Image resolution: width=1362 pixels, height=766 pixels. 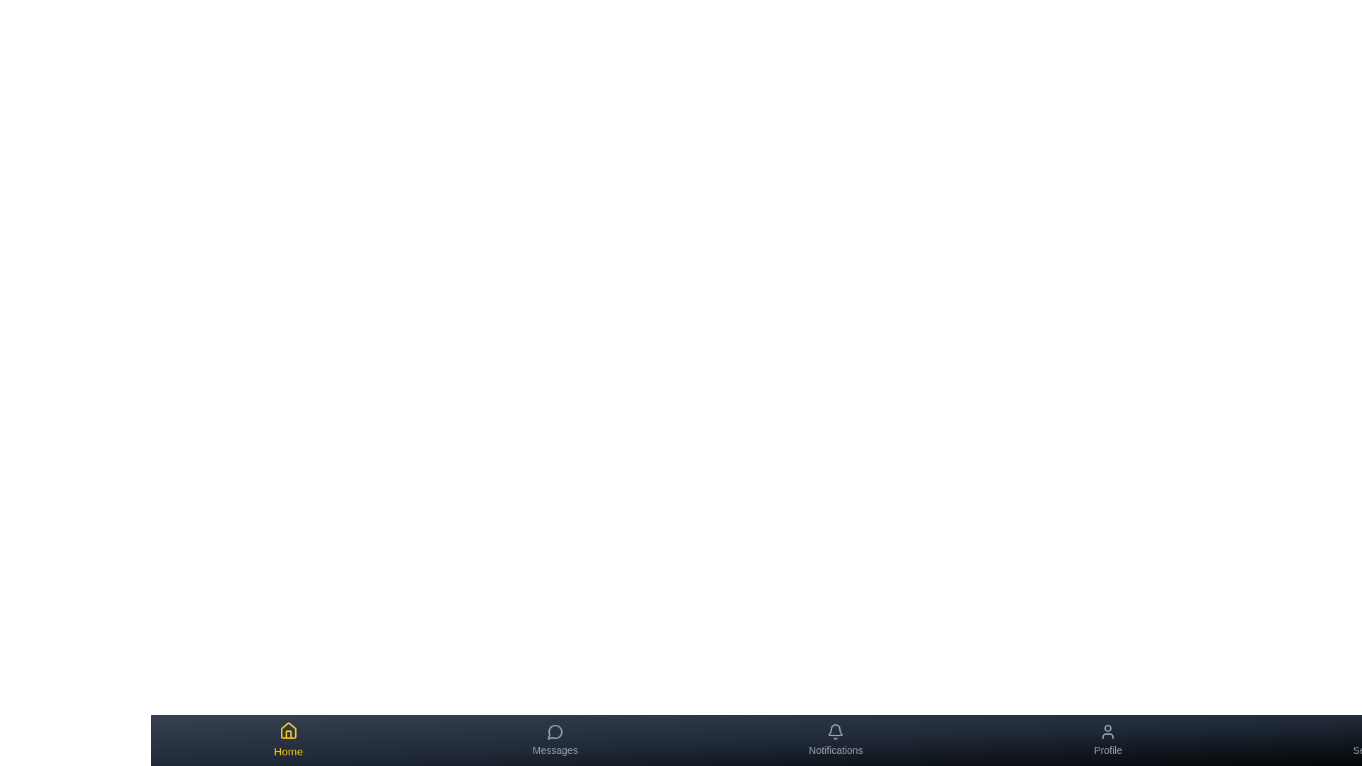 I want to click on the Profile tab to navigate to it, so click(x=1107, y=740).